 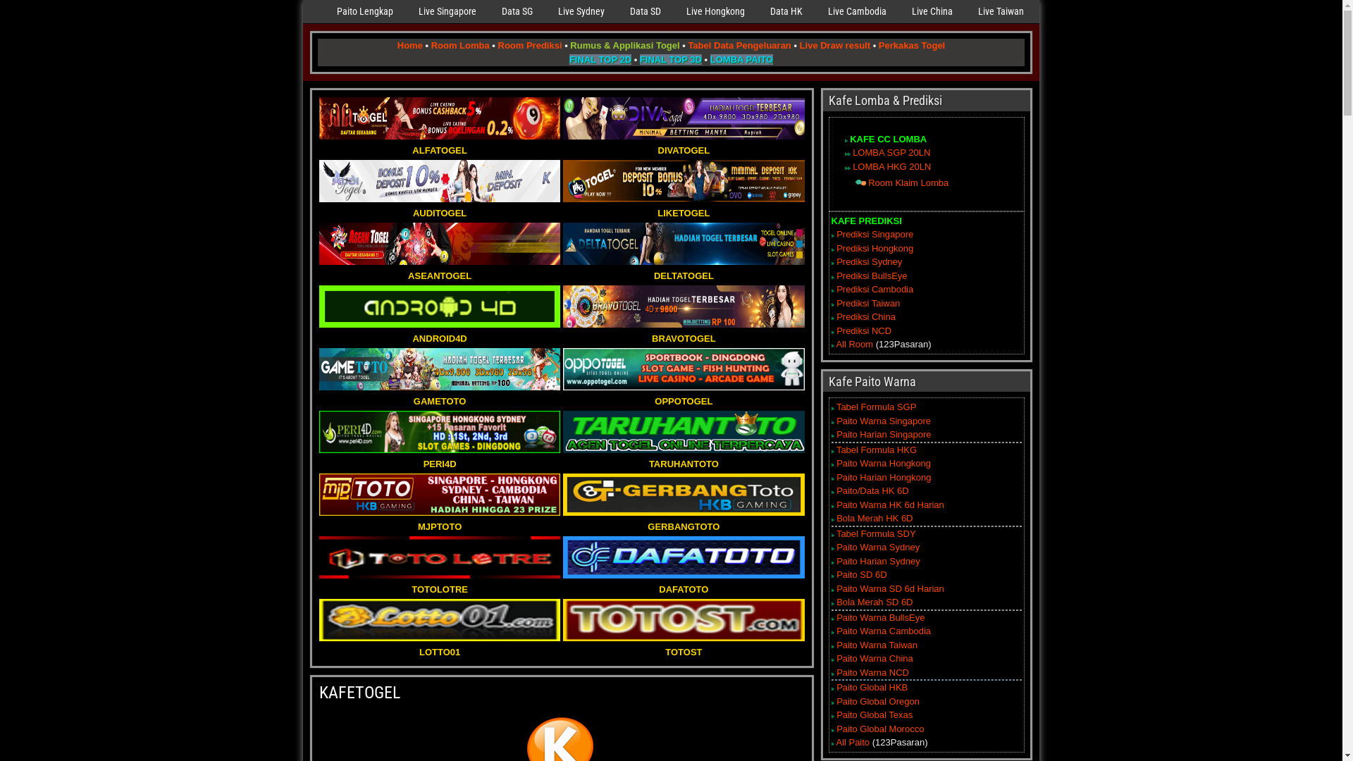 I want to click on 'Live Sydney', so click(x=581, y=11).